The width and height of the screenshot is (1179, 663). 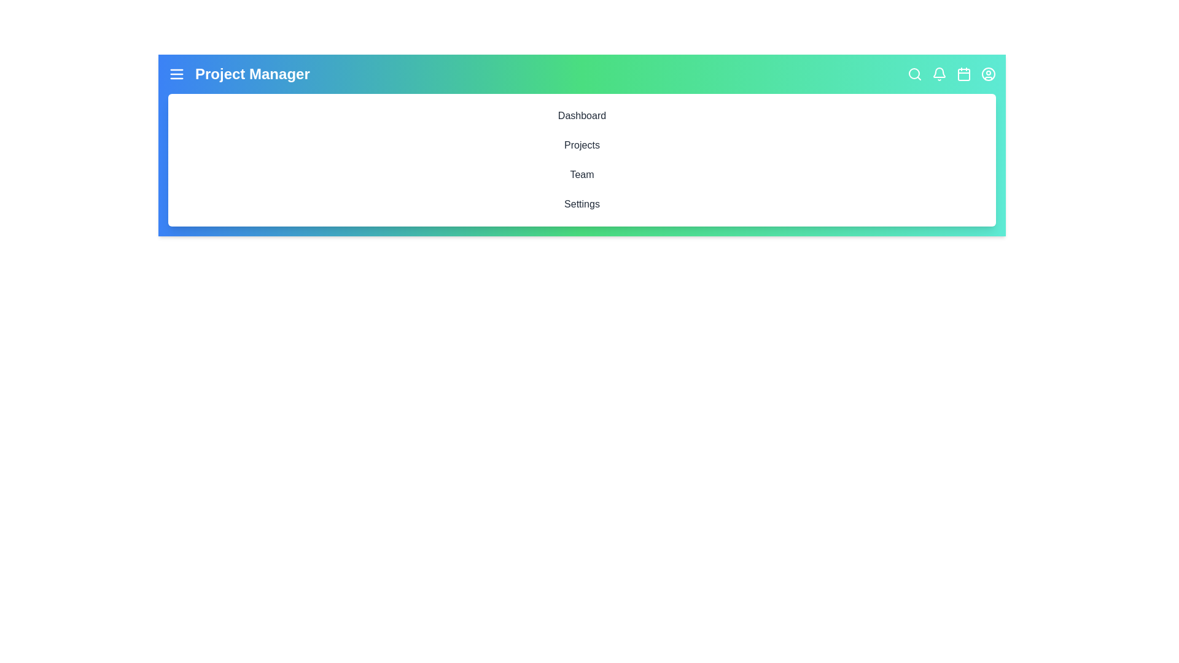 What do you see at coordinates (176, 74) in the screenshot?
I see `the interactive element Menu to inspect its hover effect` at bounding box center [176, 74].